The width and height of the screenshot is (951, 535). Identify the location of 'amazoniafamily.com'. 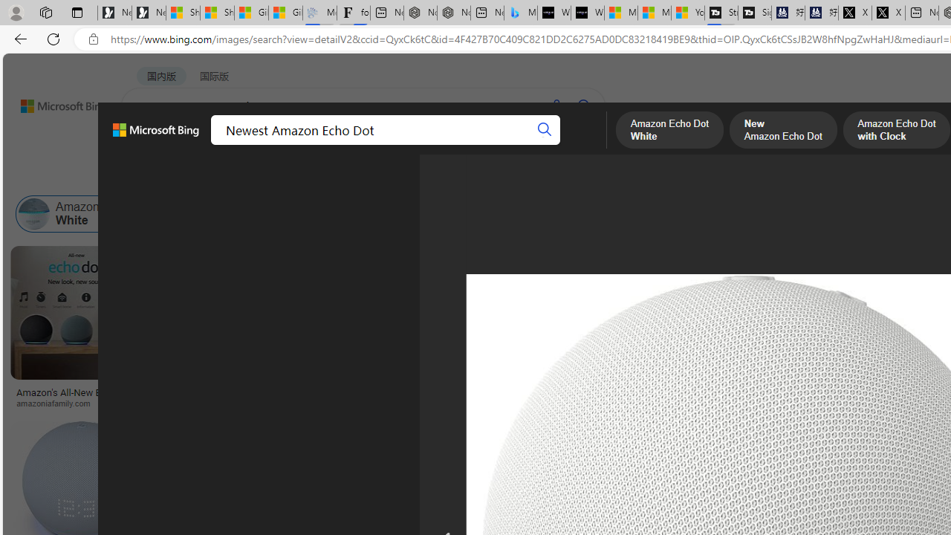
(75, 403).